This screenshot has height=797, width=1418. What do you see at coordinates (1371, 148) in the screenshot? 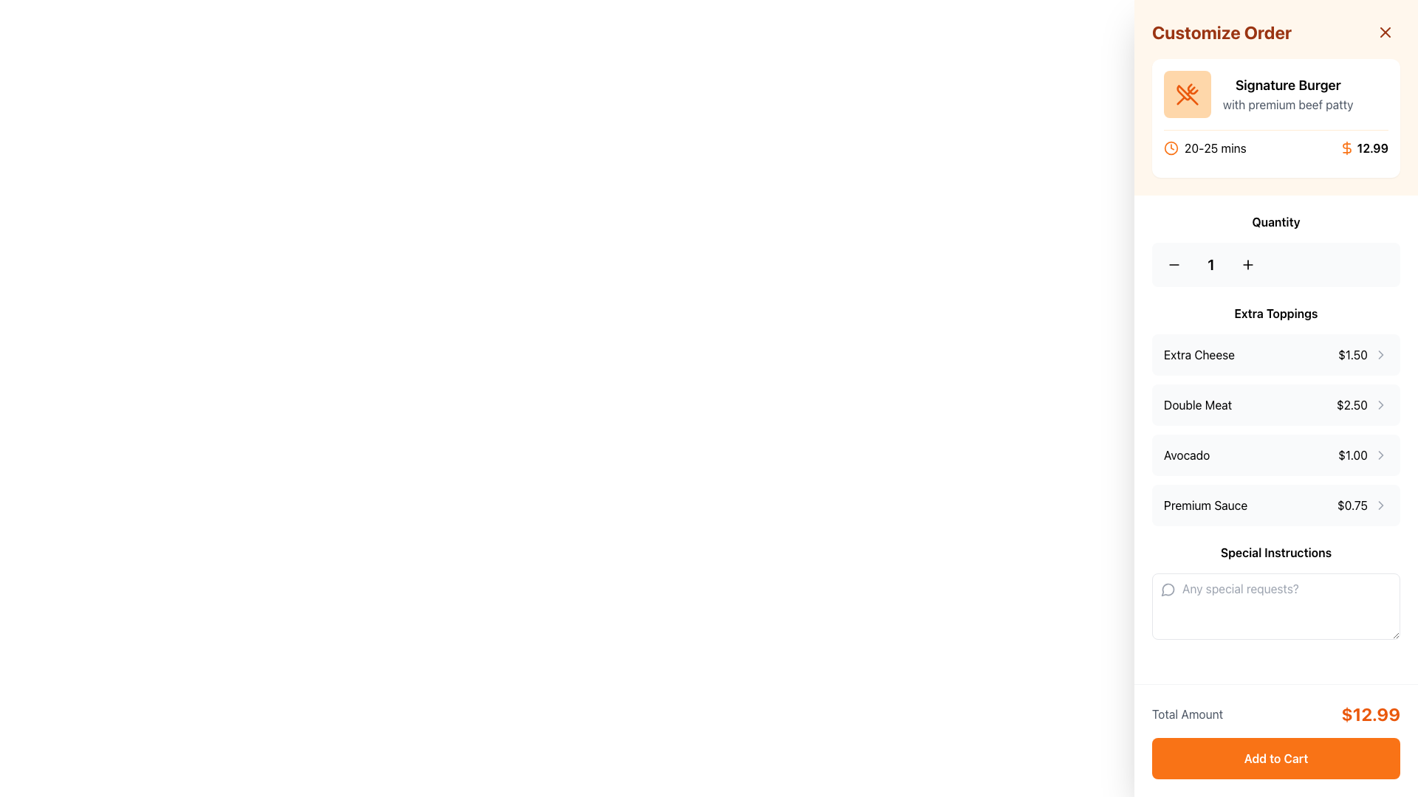
I see `the area around the Text Label displaying the price '12.99' in bold font, located in the top section of the 'Customize Order' panel, to initiate related interactions` at bounding box center [1371, 148].